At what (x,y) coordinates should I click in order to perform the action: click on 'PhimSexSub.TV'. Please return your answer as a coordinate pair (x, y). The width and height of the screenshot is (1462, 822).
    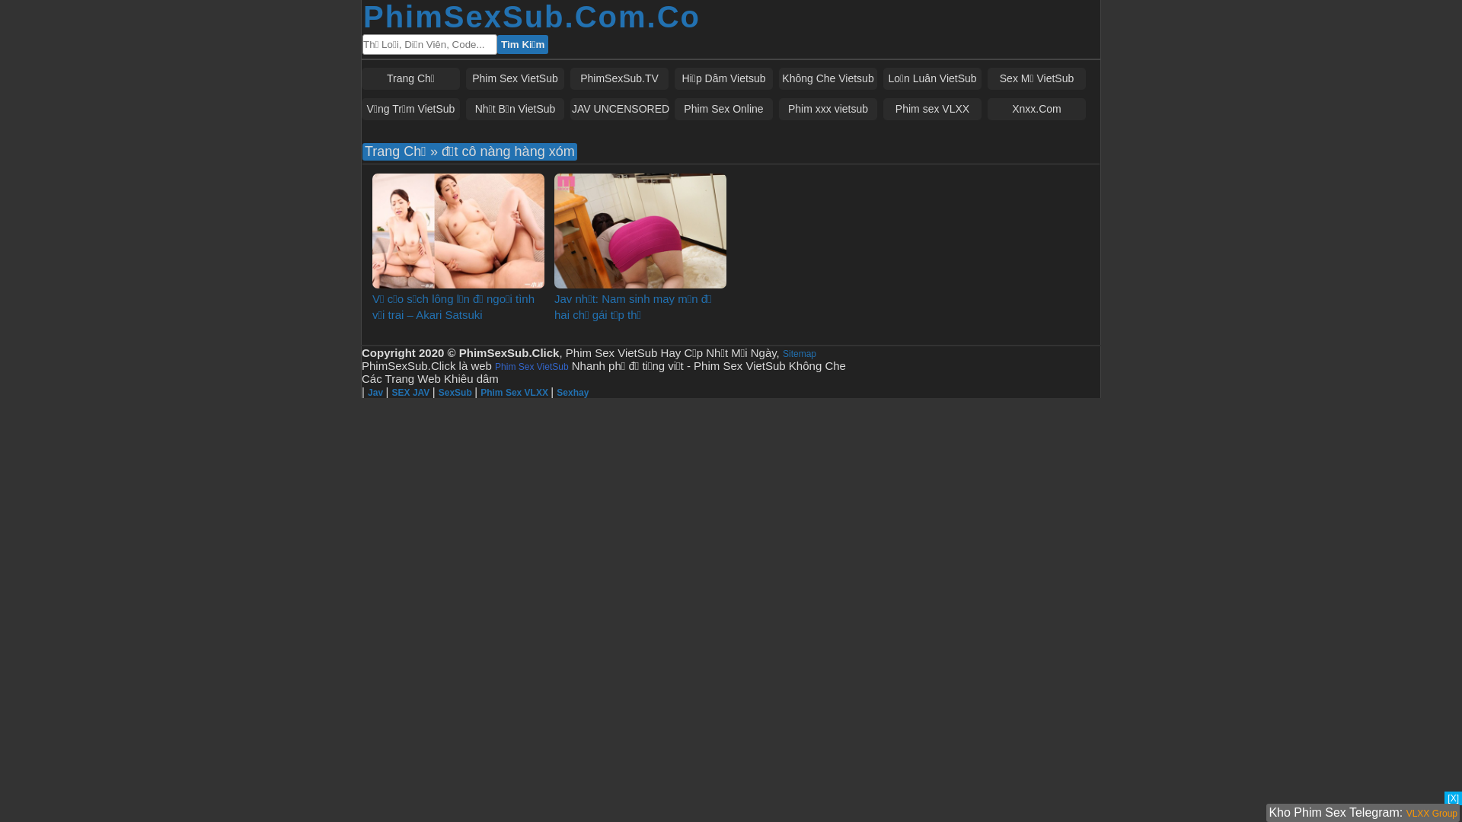
    Looking at the image, I should click on (619, 78).